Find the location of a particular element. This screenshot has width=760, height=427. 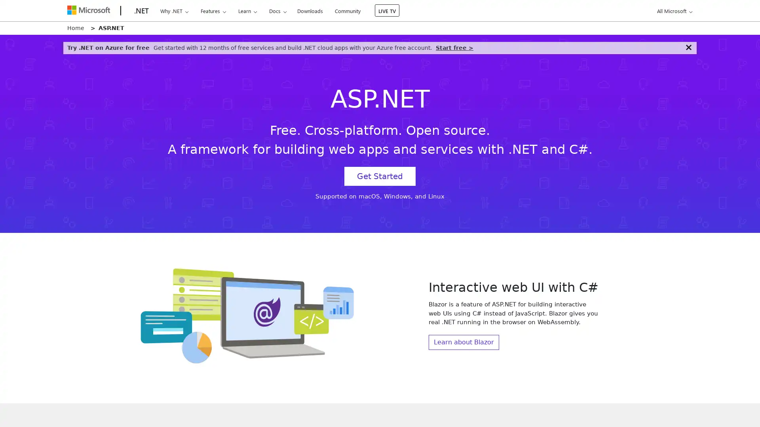

Get Started is located at coordinates (380, 176).